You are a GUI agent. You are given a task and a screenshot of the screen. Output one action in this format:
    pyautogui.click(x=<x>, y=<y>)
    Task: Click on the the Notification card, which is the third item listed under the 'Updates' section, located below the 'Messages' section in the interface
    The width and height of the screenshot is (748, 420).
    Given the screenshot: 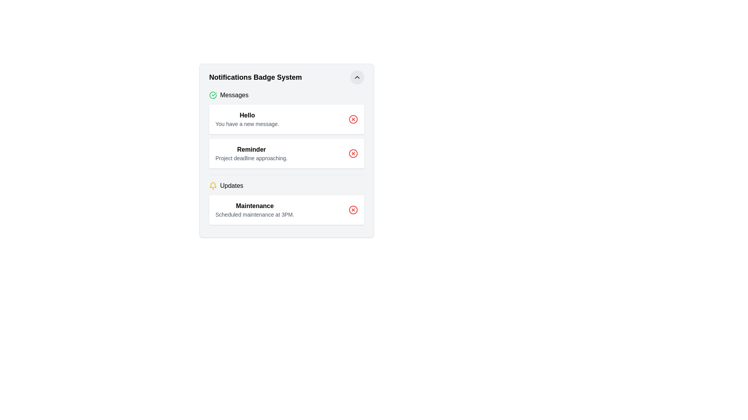 What is the action you would take?
    pyautogui.click(x=286, y=210)
    